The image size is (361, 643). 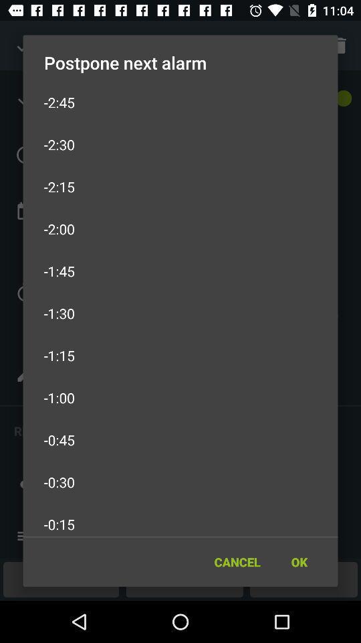 What do you see at coordinates (299, 562) in the screenshot?
I see `the ok icon` at bounding box center [299, 562].